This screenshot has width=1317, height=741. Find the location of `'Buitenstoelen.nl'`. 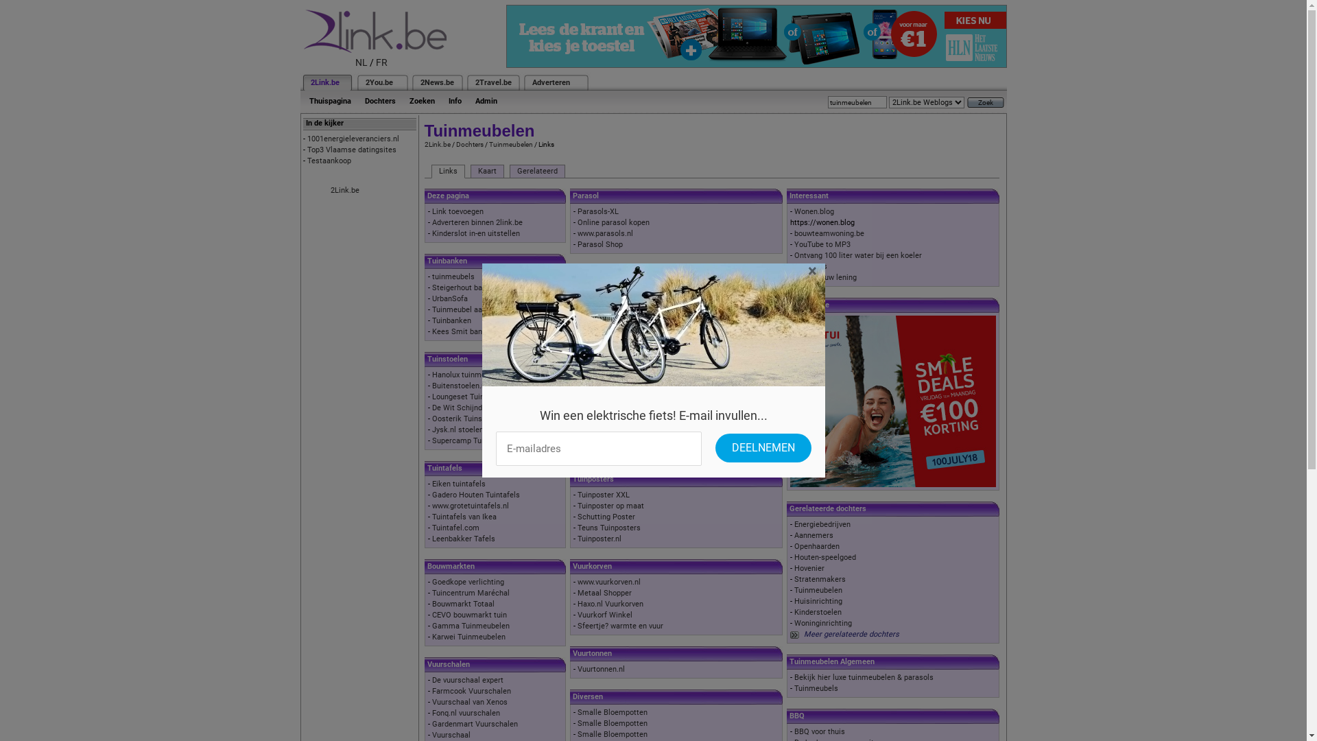

'Buitenstoelen.nl' is located at coordinates (460, 386).